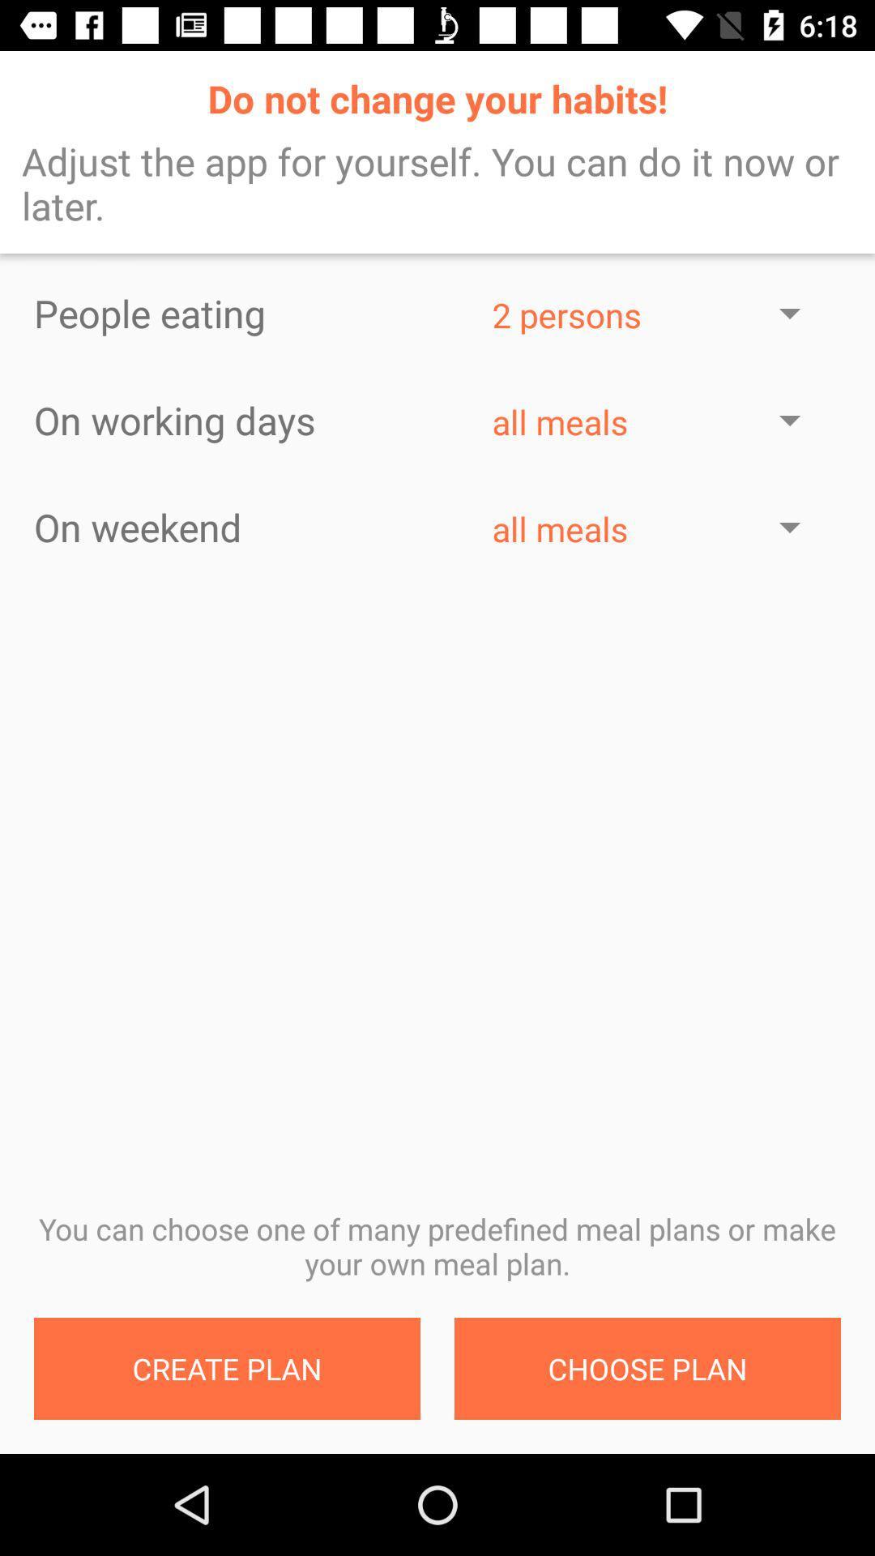 This screenshot has height=1556, width=875. Describe the element at coordinates (227, 1368) in the screenshot. I see `item below the you can choose` at that location.